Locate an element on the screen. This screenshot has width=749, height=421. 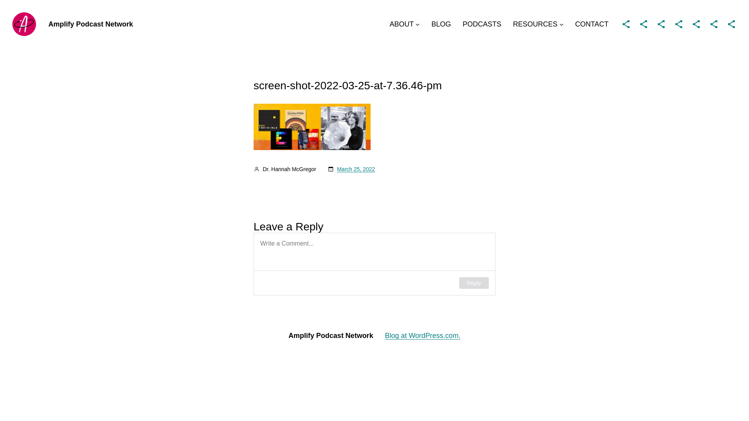
'ABOUT' is located at coordinates (389, 24).